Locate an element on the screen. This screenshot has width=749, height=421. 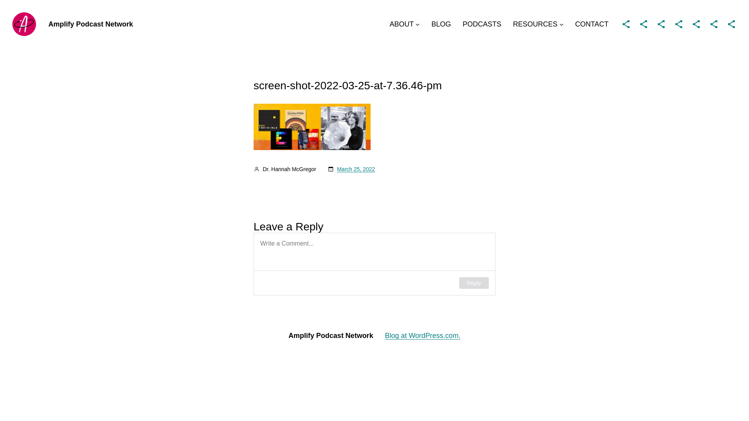
'ABOUT' is located at coordinates (389, 24).